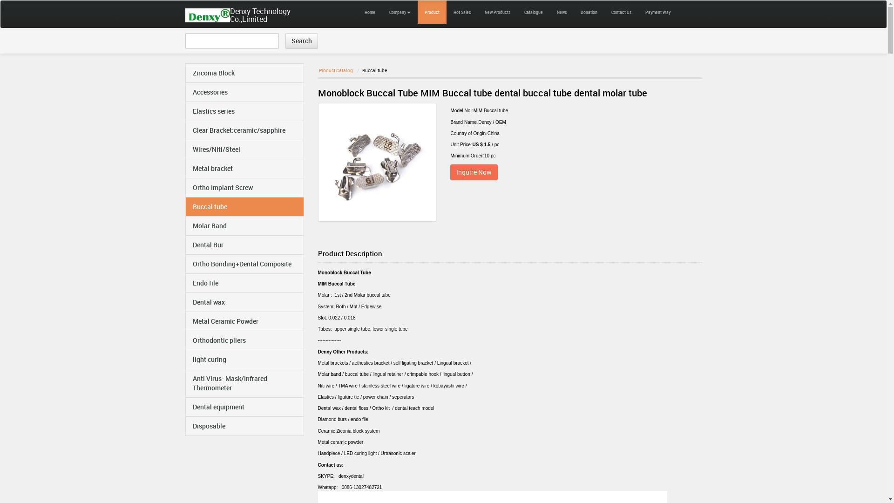  Describe the element at coordinates (400, 12) in the screenshot. I see `'Company'` at that location.